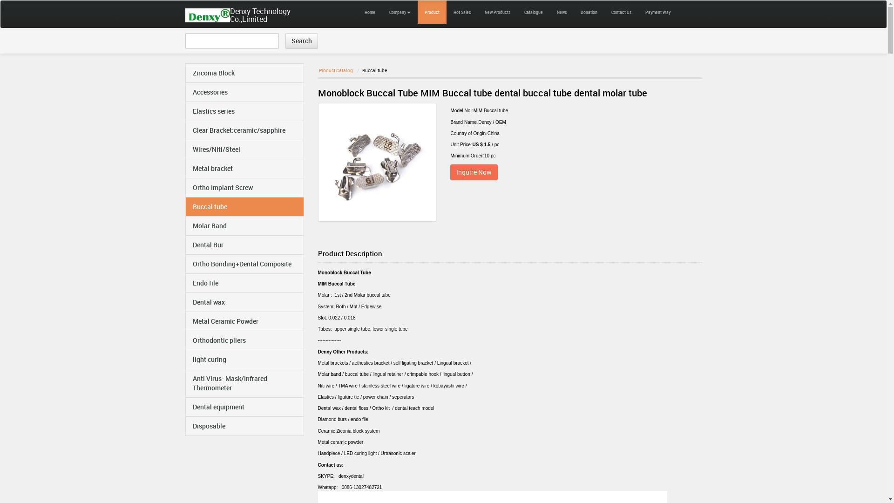  Describe the element at coordinates (400, 12) in the screenshot. I see `'Company'` at that location.